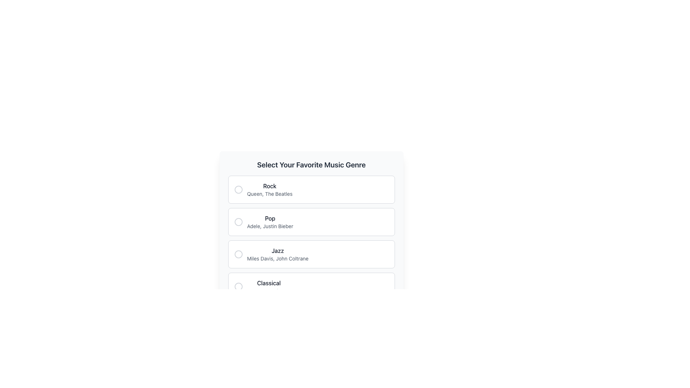 The width and height of the screenshot is (690, 388). I want to click on the third radio button option for music genres in the selection menu, so click(277, 254).